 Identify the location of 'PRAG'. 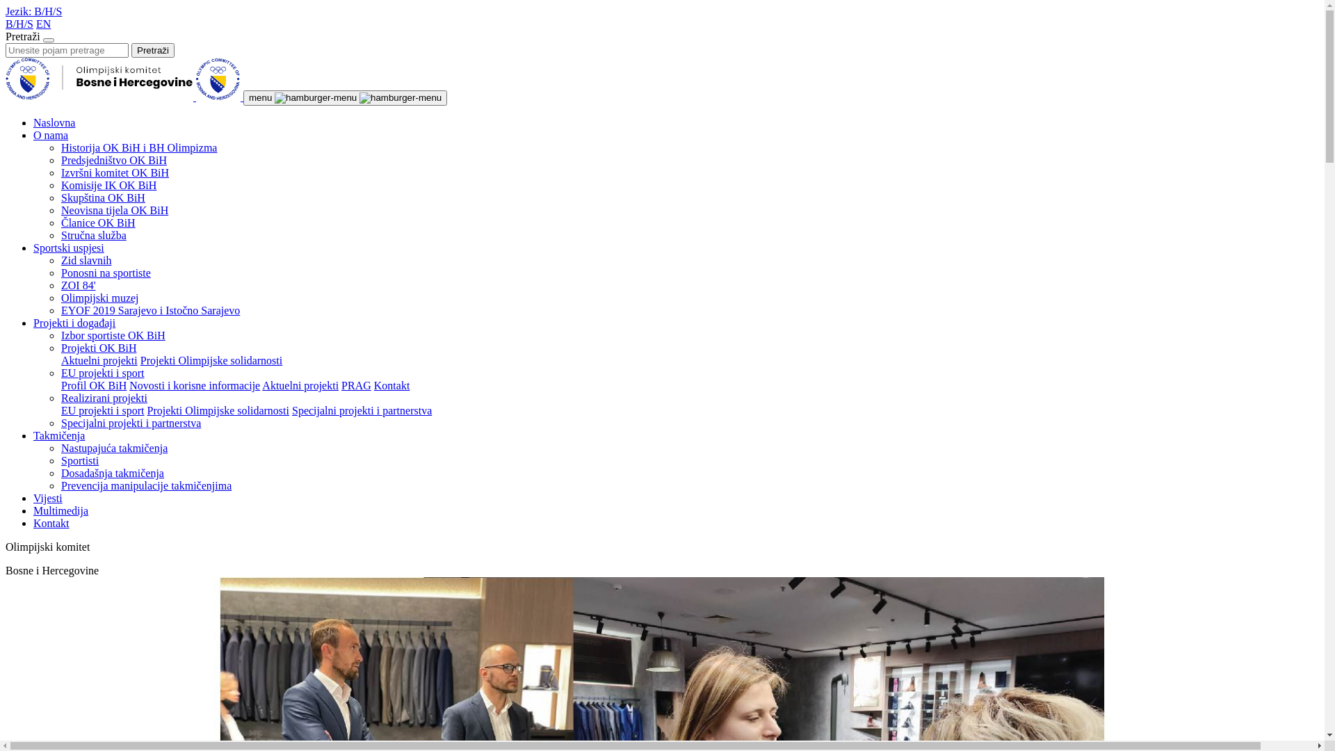
(356, 385).